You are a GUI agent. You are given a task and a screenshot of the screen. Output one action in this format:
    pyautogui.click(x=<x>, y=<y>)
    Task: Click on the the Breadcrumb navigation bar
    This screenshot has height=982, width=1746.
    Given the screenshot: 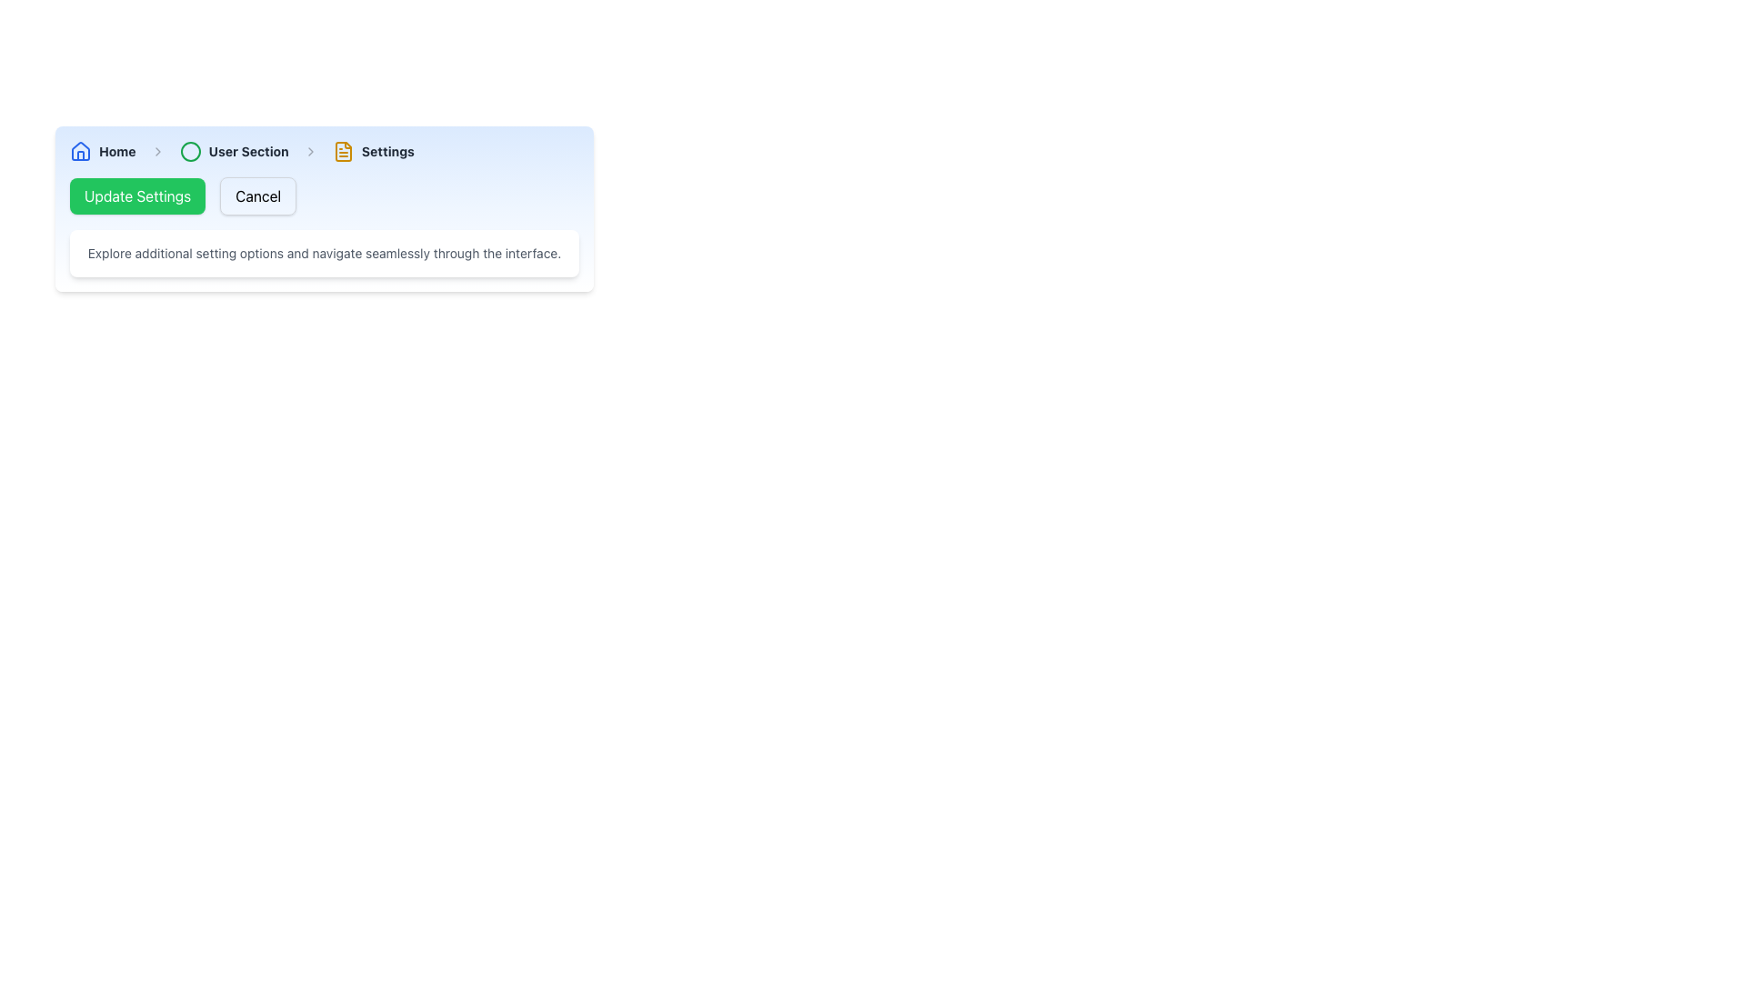 What is the action you would take?
    pyautogui.click(x=324, y=150)
    